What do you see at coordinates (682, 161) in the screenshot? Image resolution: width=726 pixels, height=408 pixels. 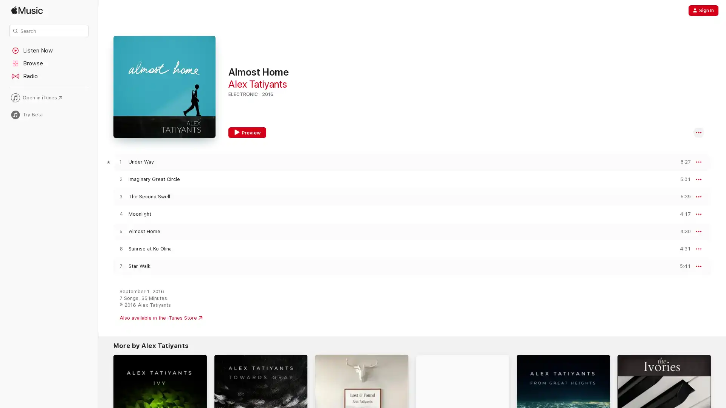 I see `Preview` at bounding box center [682, 161].